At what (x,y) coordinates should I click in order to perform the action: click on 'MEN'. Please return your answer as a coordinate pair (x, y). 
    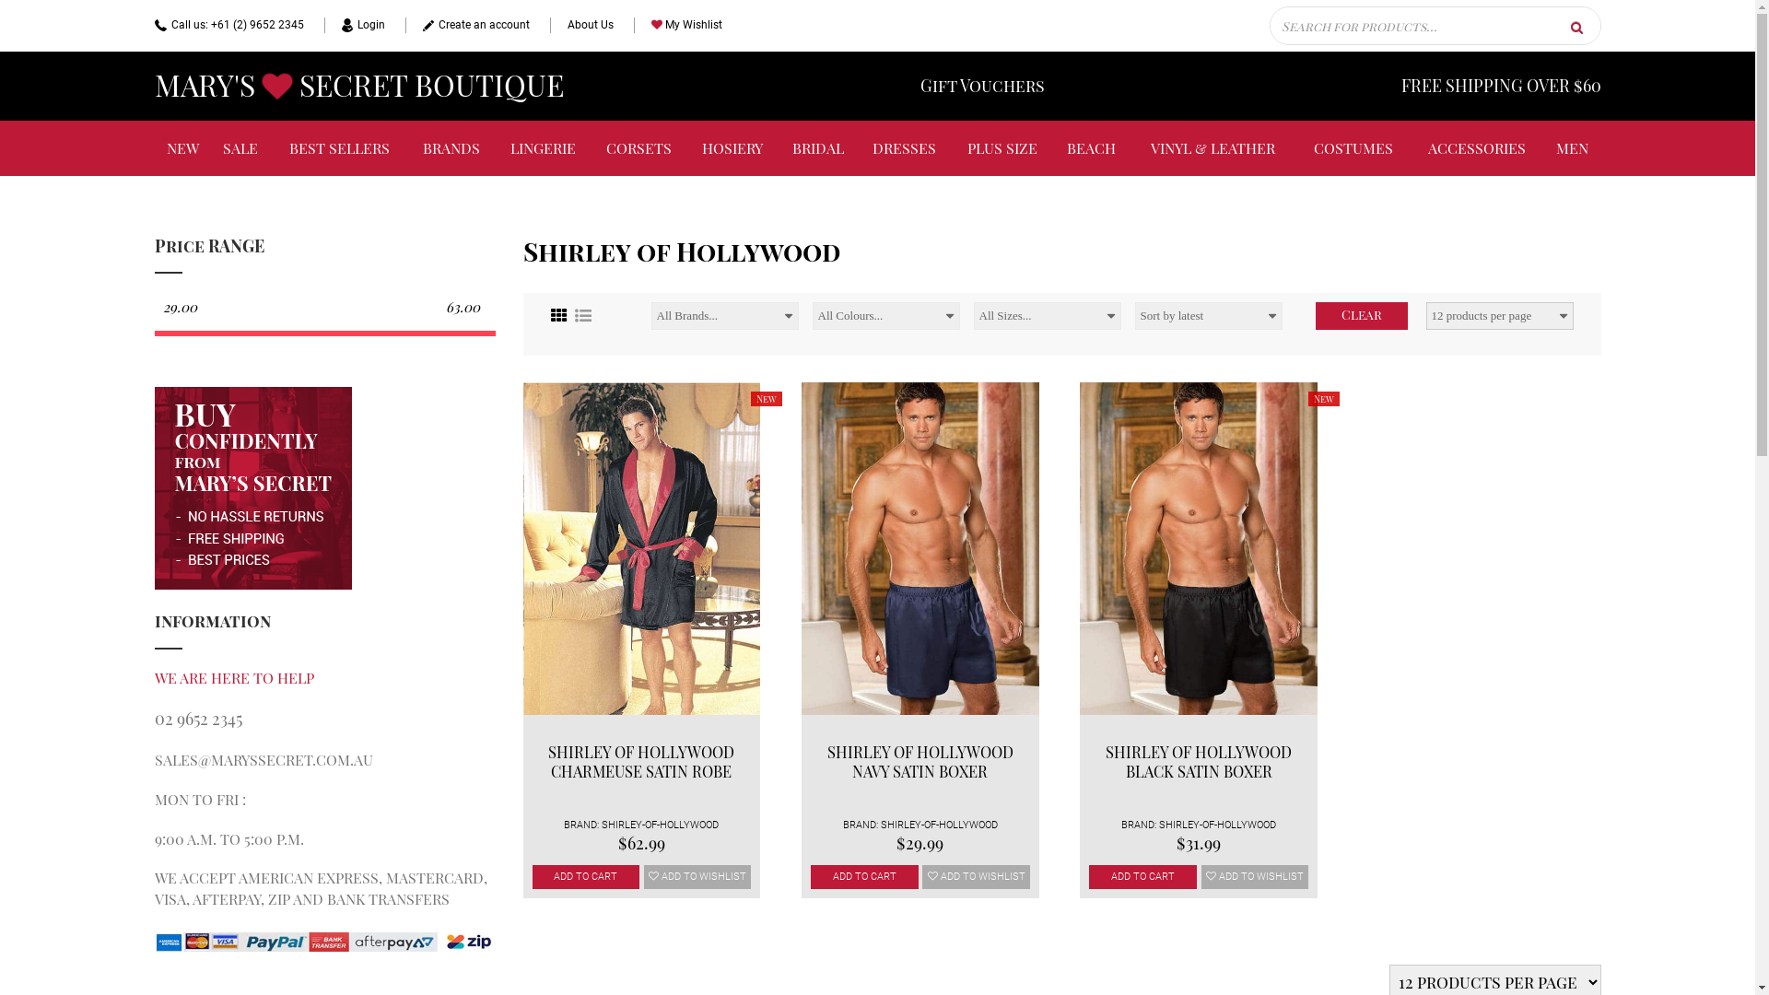
    Looking at the image, I should click on (1571, 147).